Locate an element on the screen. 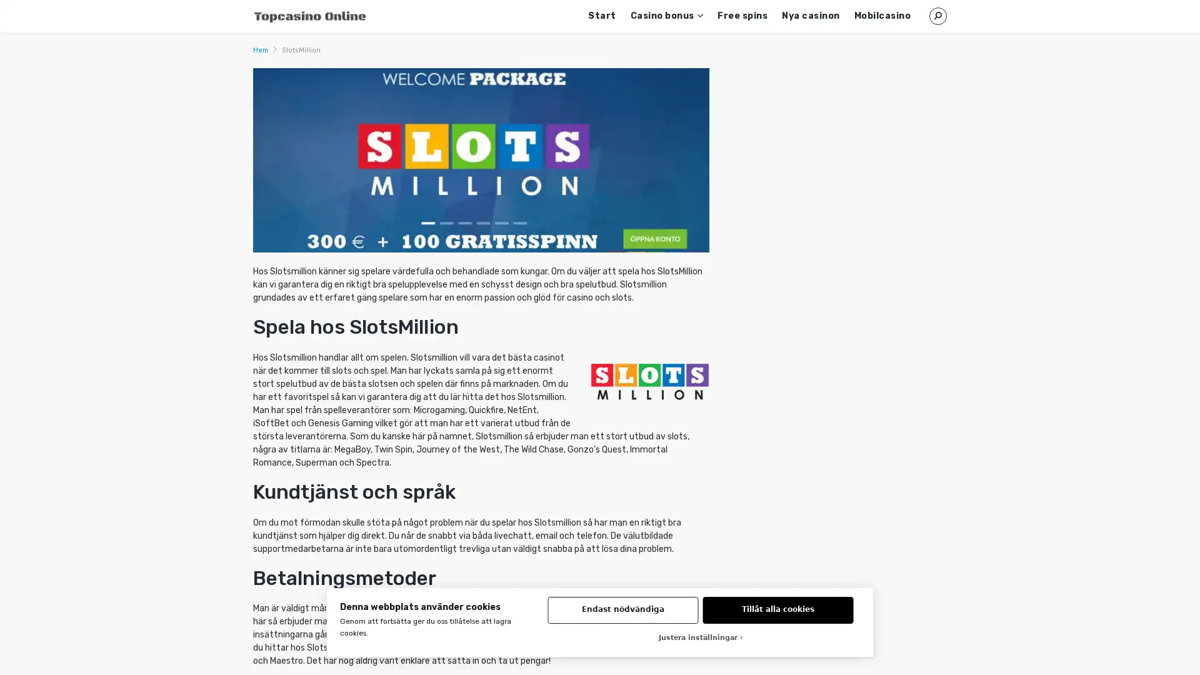  Endast nodvandiga is located at coordinates (622, 609).